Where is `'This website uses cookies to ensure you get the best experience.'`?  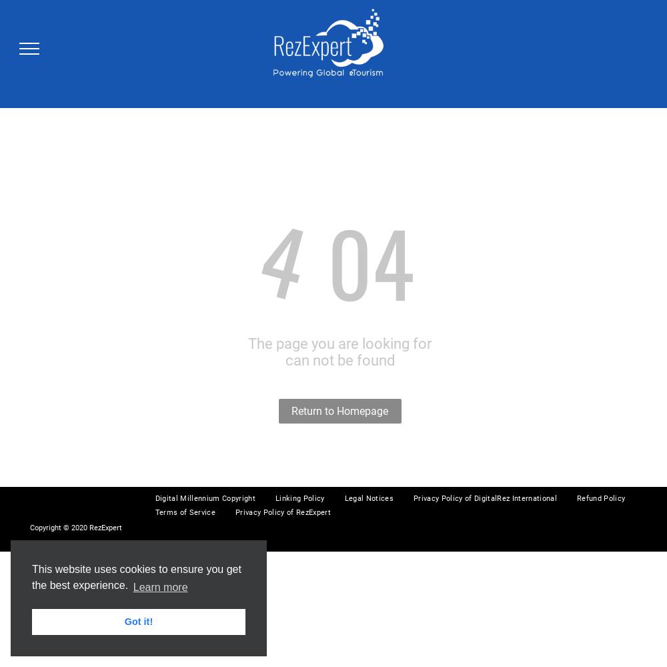
'This website uses cookies to ensure you get the best experience.' is located at coordinates (32, 576).